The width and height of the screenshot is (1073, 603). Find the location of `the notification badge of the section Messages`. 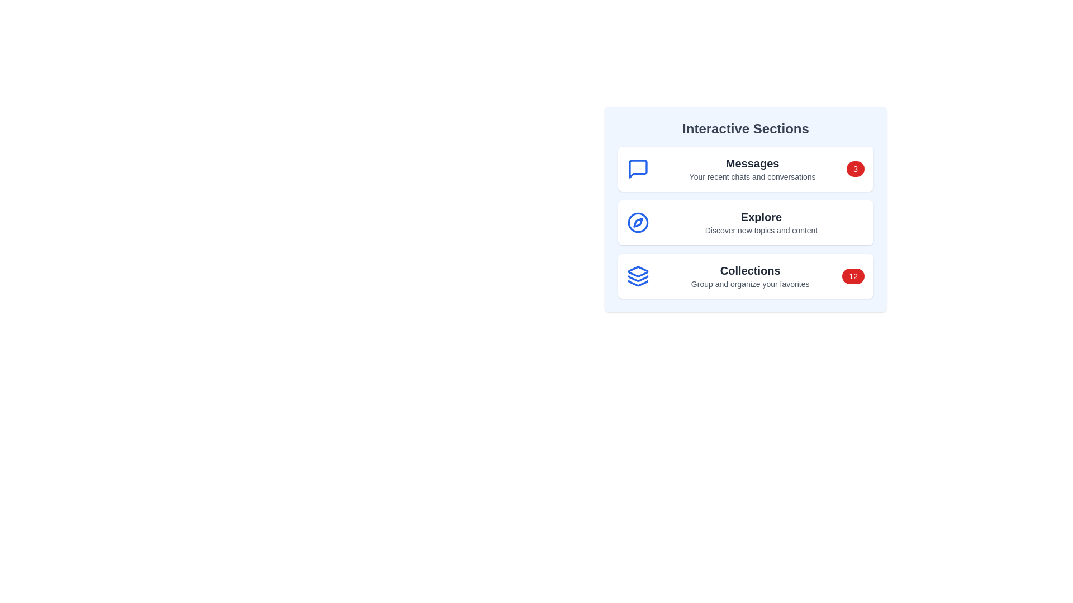

the notification badge of the section Messages is located at coordinates (855, 169).